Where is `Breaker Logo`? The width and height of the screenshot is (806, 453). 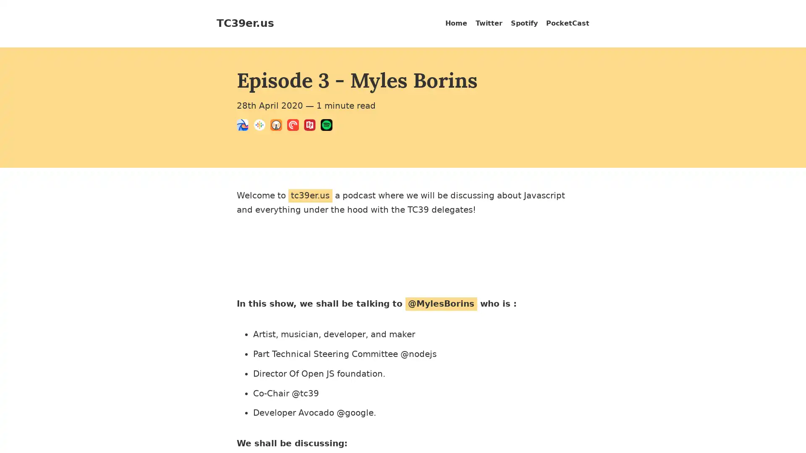 Breaker Logo is located at coordinates (245, 126).